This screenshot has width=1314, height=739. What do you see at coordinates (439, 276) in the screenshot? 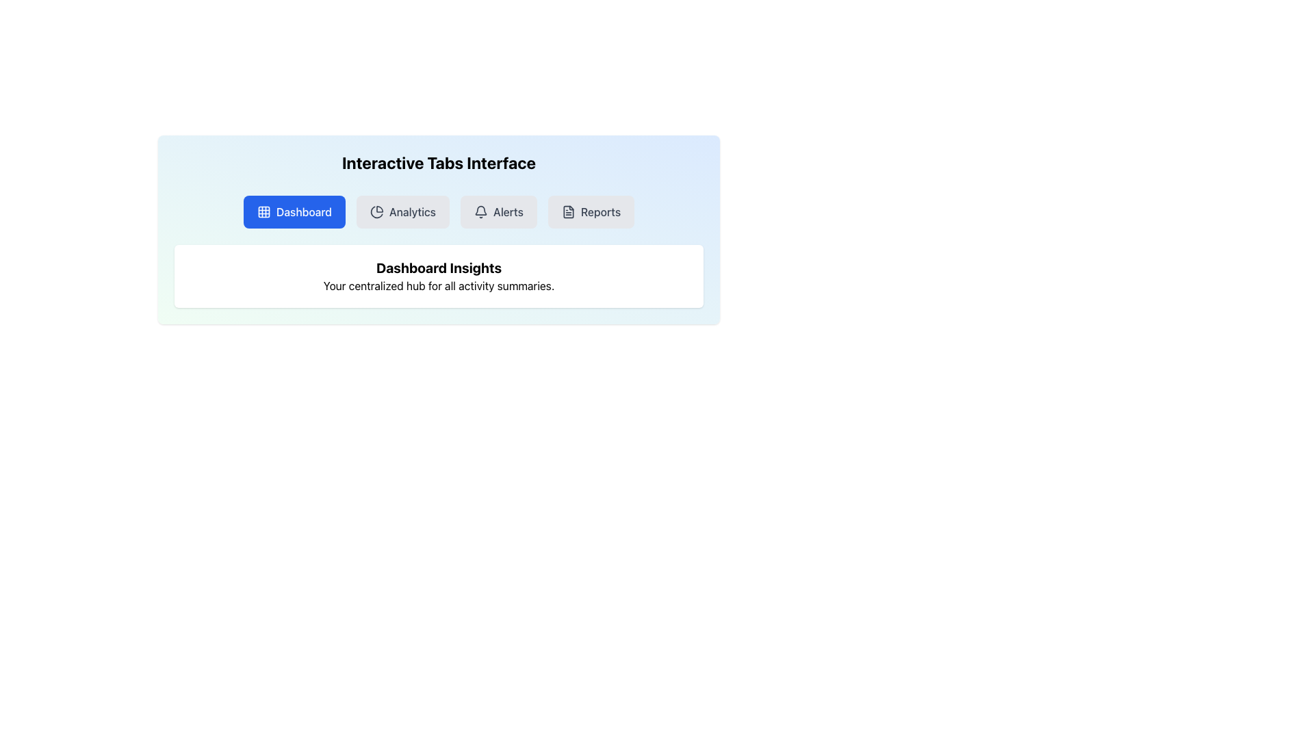
I see `text element containing the title 'Dashboard Insights' and subtitle 'Your centralized hub for all activity summaries.' located at the center bottom of the interface's main section` at bounding box center [439, 276].